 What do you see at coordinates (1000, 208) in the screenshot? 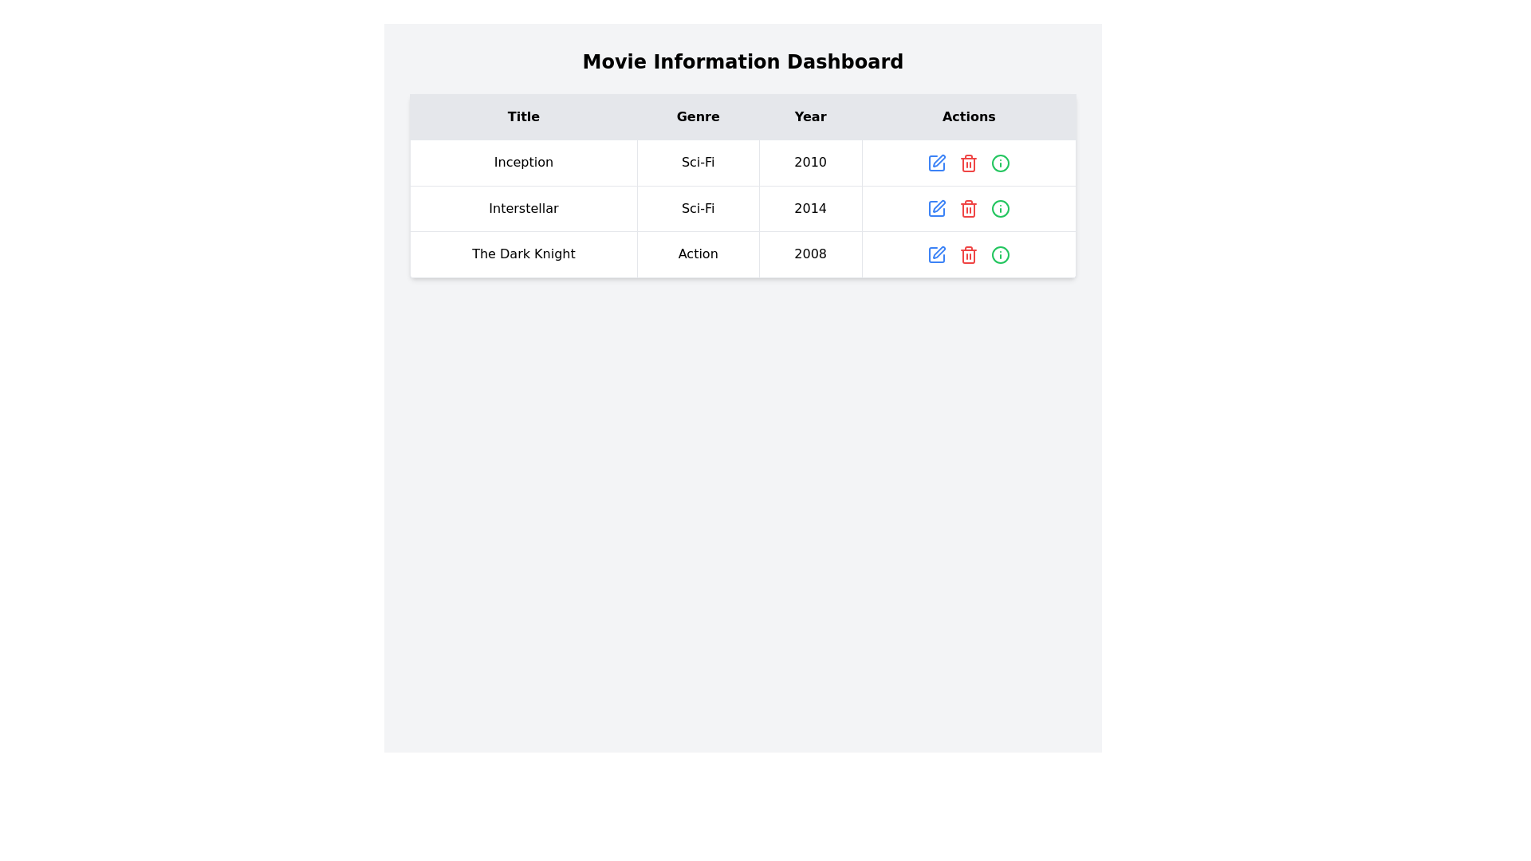
I see `the SVG-based info icon with a thin green border located in the second row of the 'Actions' column of a table` at bounding box center [1000, 208].